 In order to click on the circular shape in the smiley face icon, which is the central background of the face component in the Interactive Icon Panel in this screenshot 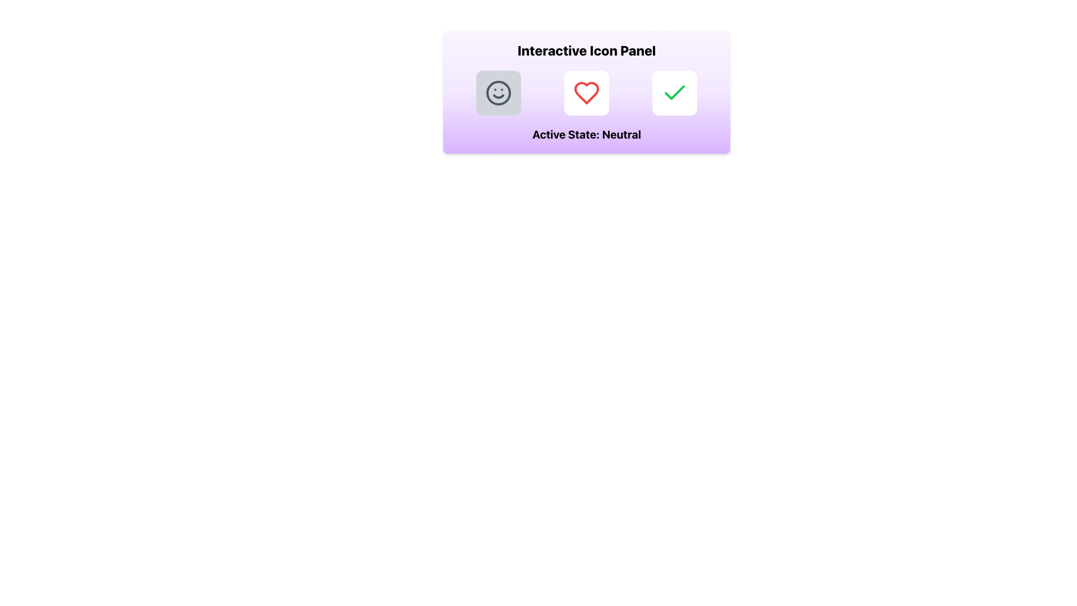, I will do `click(498, 92)`.